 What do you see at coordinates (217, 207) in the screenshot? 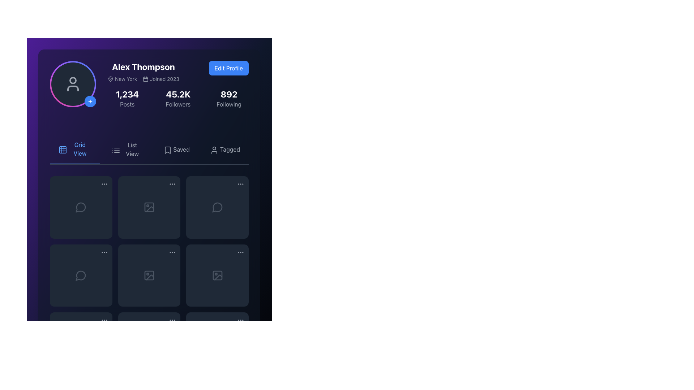
I see `the speech bubble icon located in the bottom right quadrant of the grid` at bounding box center [217, 207].